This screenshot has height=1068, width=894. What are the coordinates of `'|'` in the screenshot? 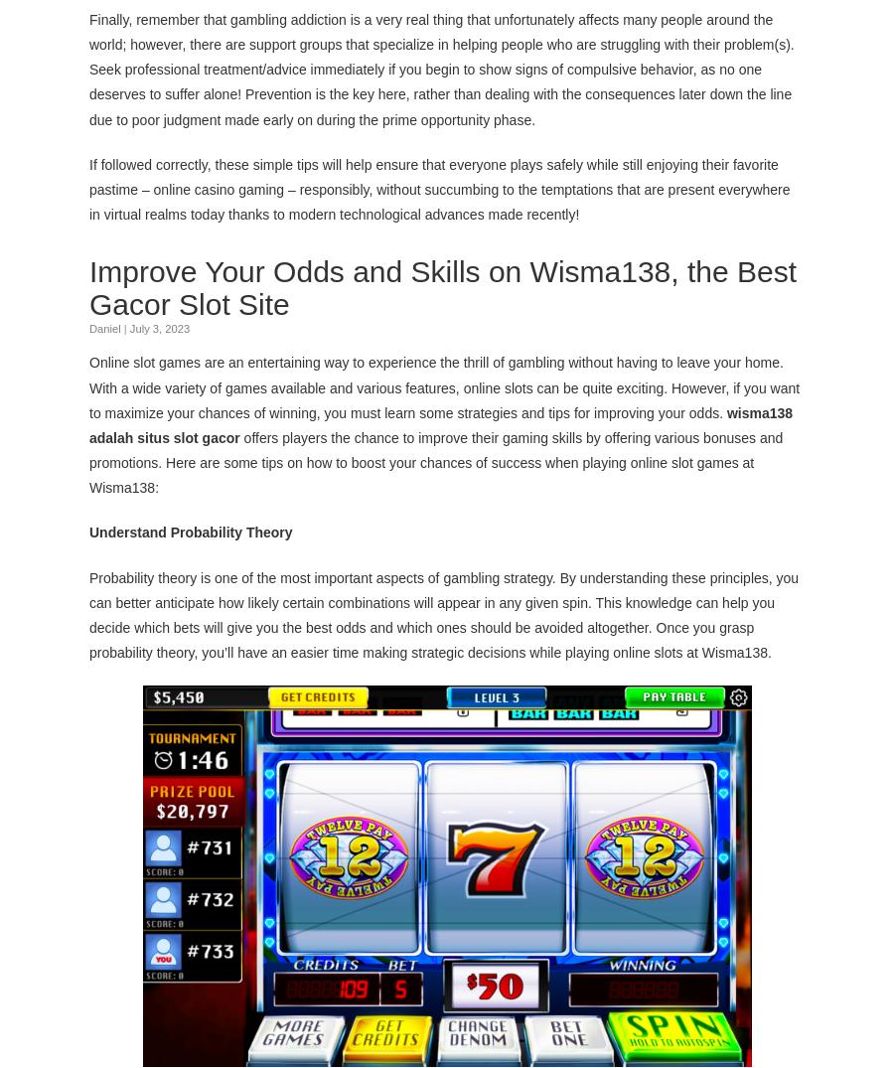 It's located at (123, 327).